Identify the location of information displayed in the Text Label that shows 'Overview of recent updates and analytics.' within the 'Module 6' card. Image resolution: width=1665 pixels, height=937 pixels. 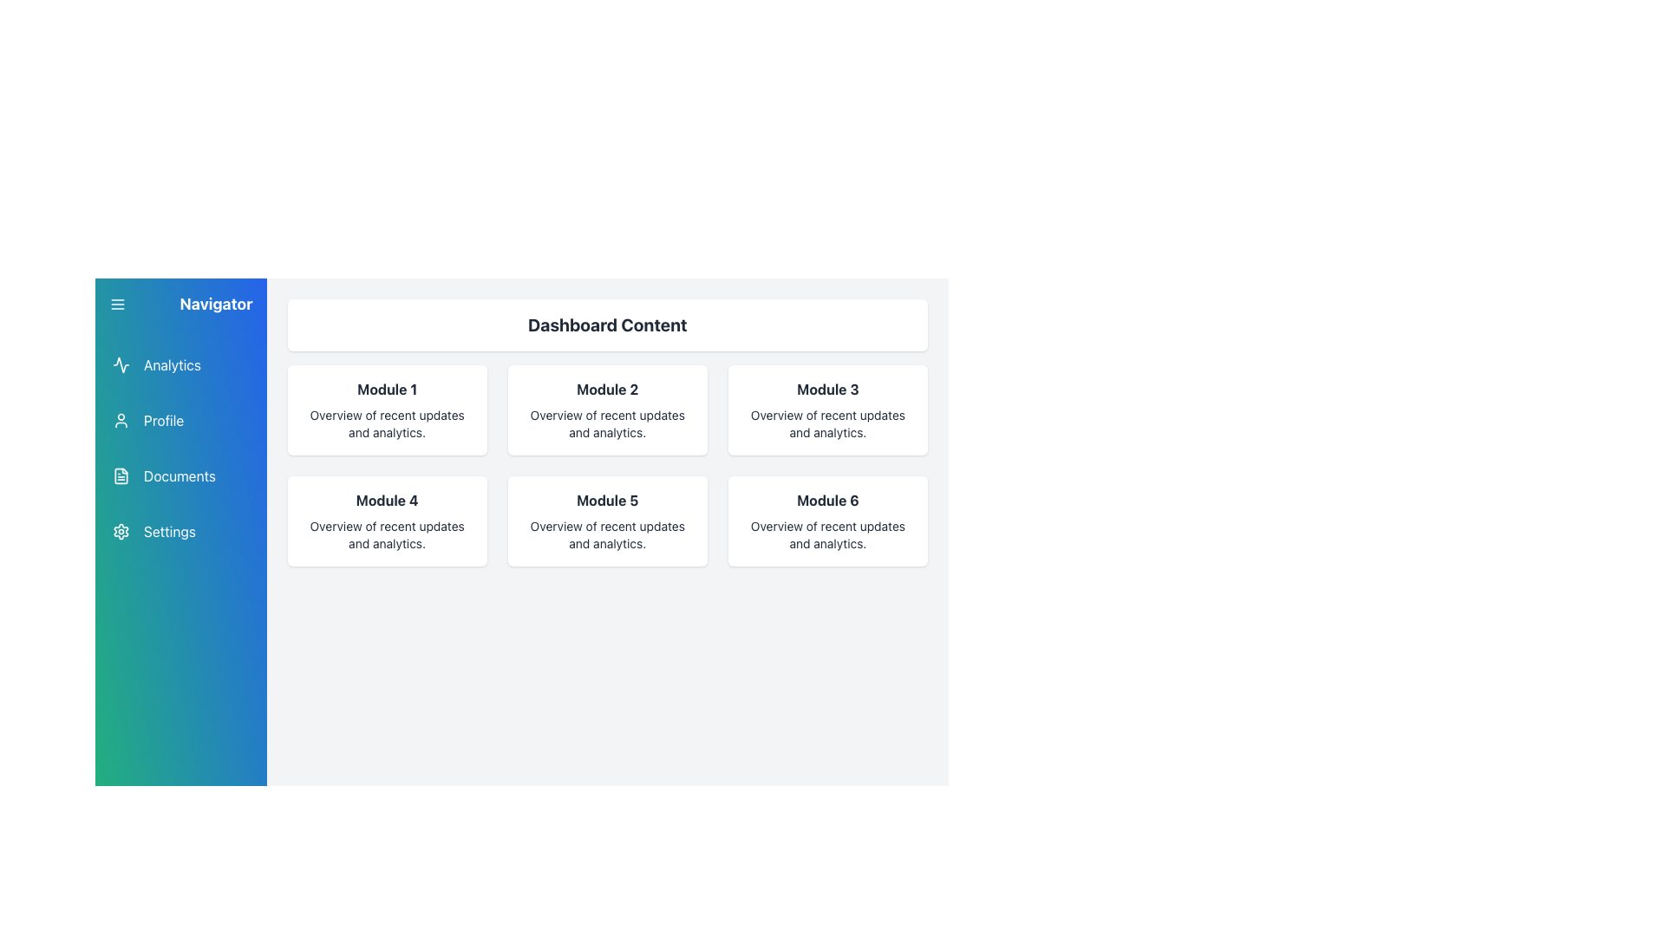
(827, 534).